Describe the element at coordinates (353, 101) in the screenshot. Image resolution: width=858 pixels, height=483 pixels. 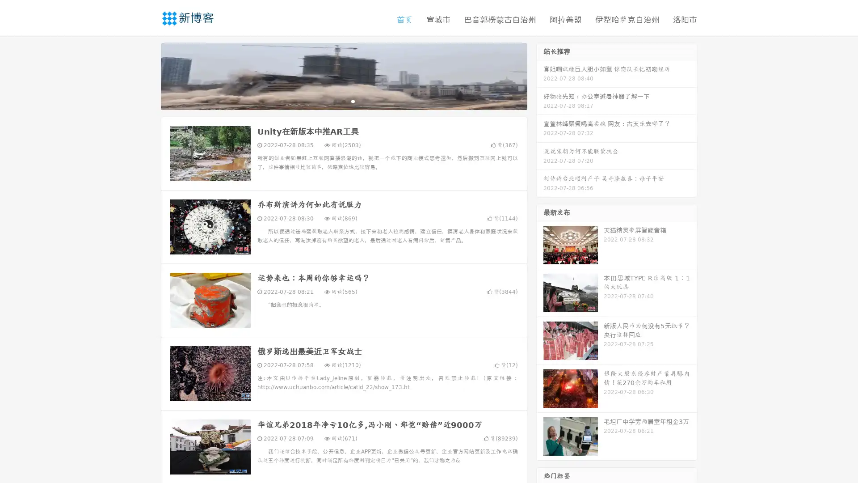
I see `Go to slide 3` at that location.